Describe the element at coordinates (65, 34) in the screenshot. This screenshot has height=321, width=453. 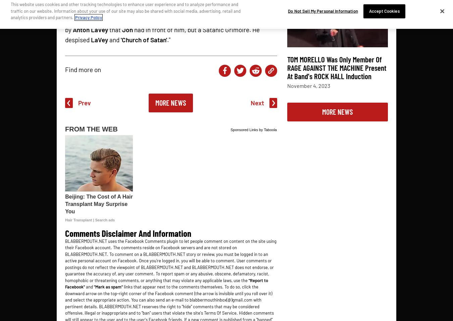
I see `'had in front of him, but a Satanic Grimoire. He despised'` at that location.